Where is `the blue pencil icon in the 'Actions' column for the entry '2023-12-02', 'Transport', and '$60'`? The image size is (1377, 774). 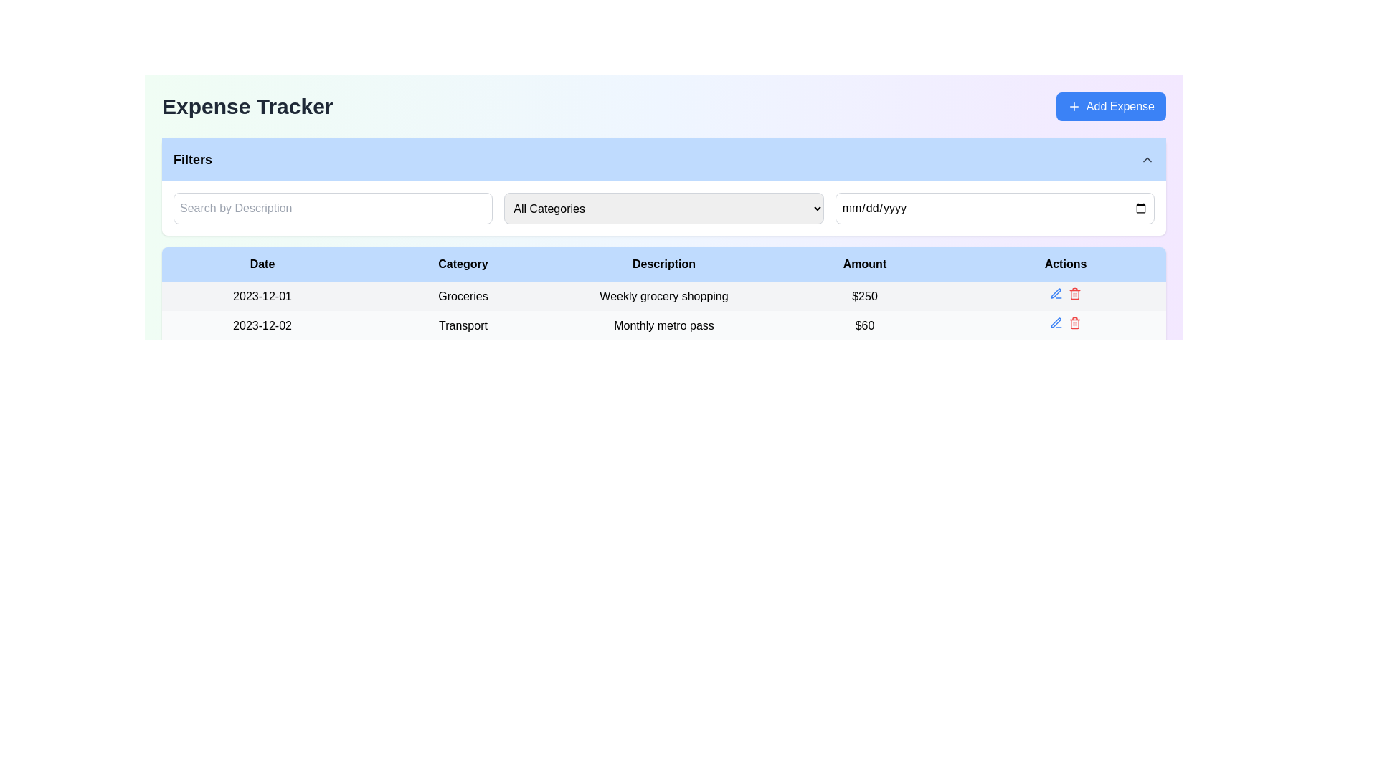 the blue pencil icon in the 'Actions' column for the entry '2023-12-02', 'Transport', and '$60' is located at coordinates (1066, 325).